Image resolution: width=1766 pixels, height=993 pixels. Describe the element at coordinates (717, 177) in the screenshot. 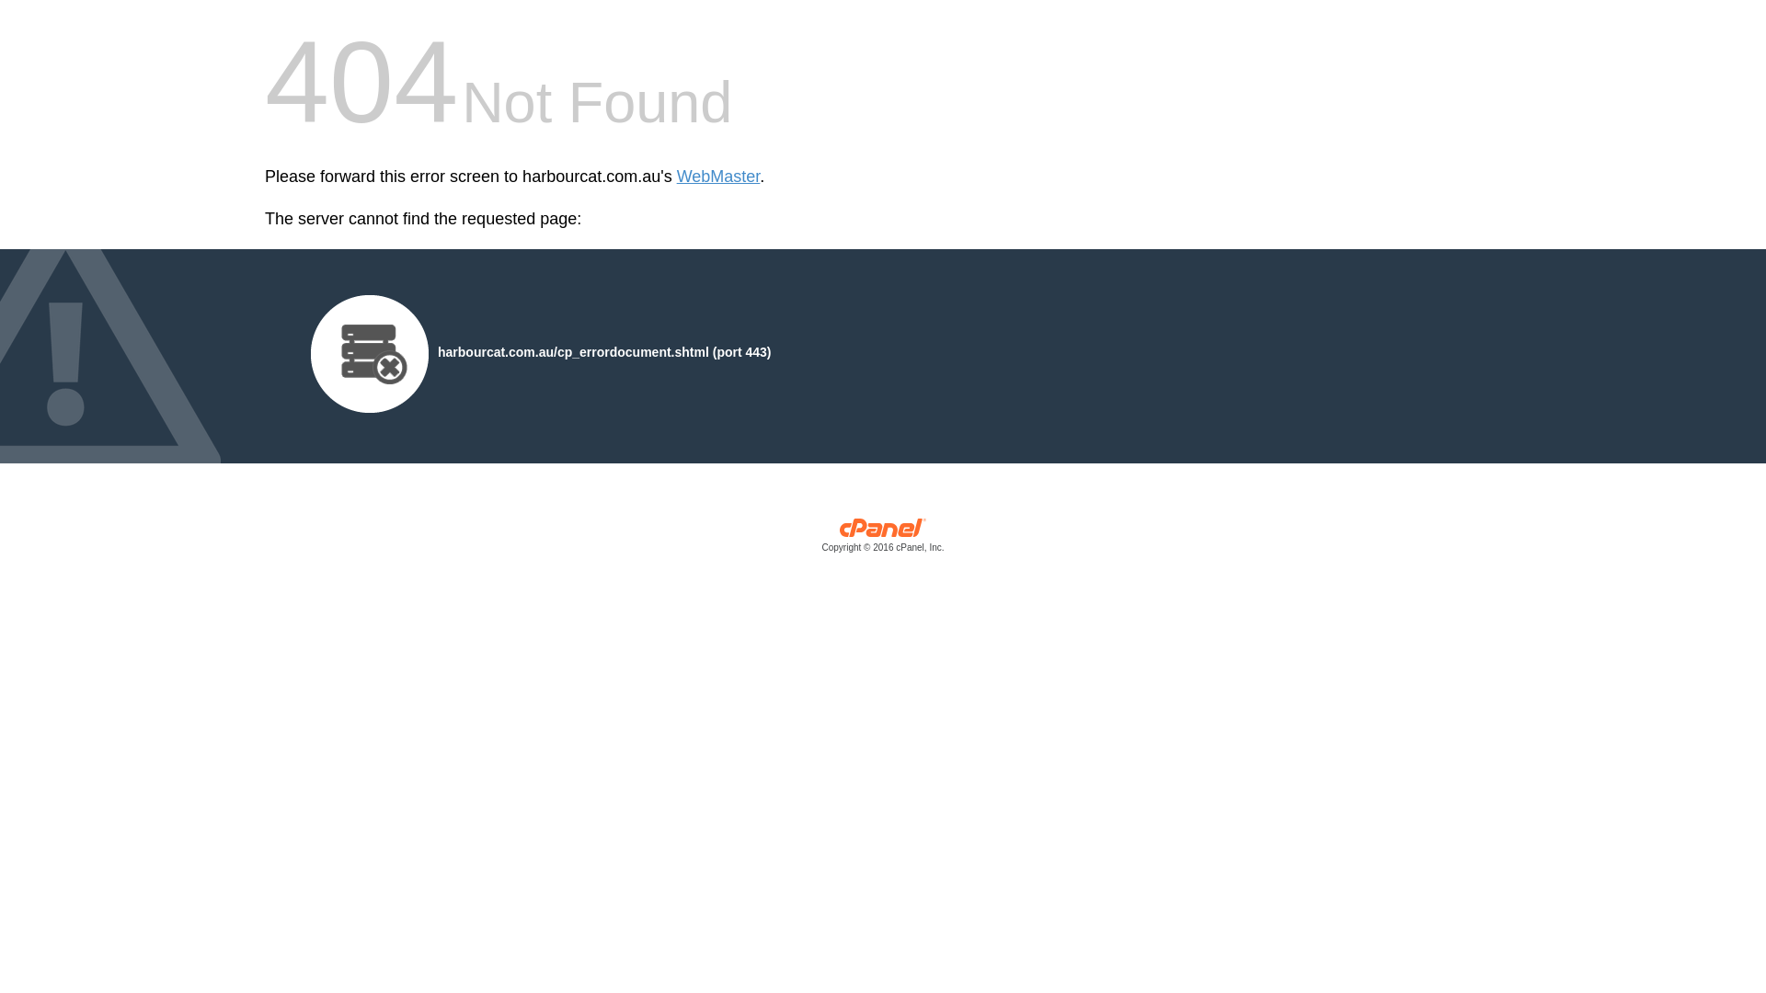

I see `'WebMaster'` at that location.